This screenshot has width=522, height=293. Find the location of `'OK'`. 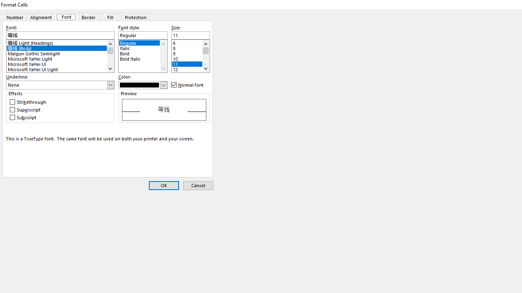

'OK' is located at coordinates (163, 186).